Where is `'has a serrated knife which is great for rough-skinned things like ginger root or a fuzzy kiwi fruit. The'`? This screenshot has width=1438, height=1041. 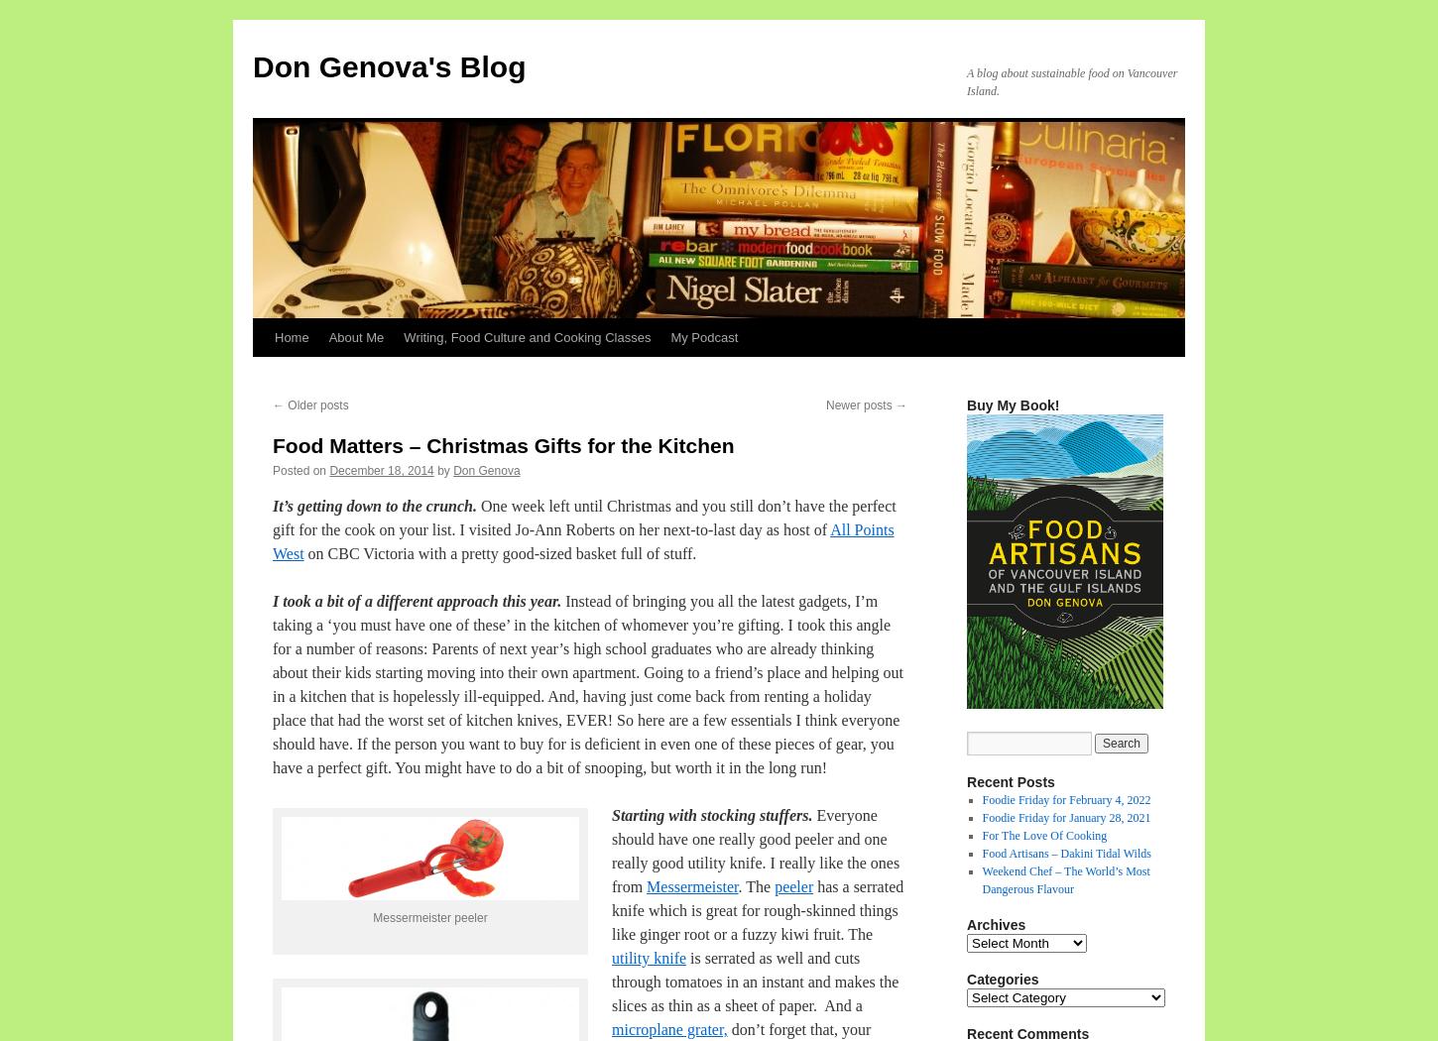 'has a serrated knife which is great for rough-skinned things like ginger root or a fuzzy kiwi fruit. The' is located at coordinates (758, 910).